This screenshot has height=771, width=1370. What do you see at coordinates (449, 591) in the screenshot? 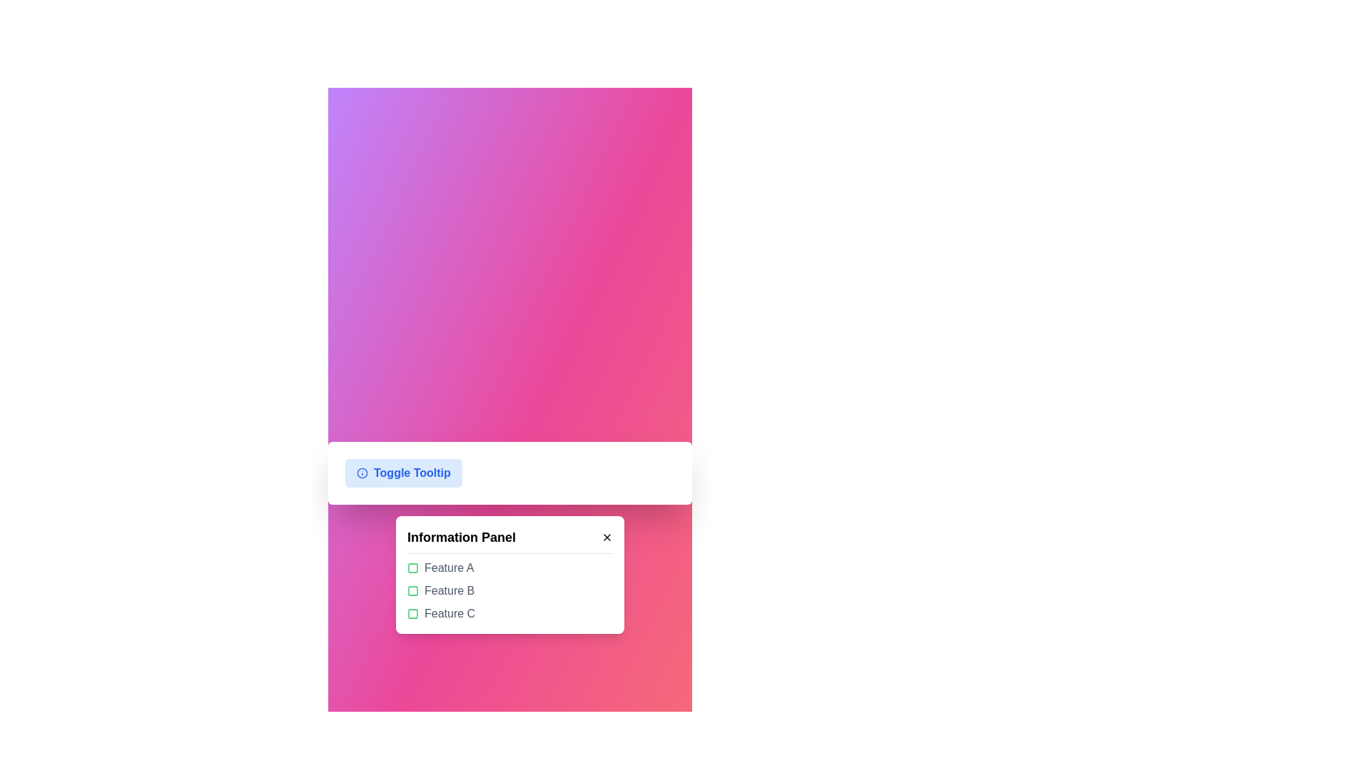
I see `text of the label identifying 'Feature B', which is the second item in the information panel, positioned between 'Feature A' and 'Feature C'` at bounding box center [449, 591].